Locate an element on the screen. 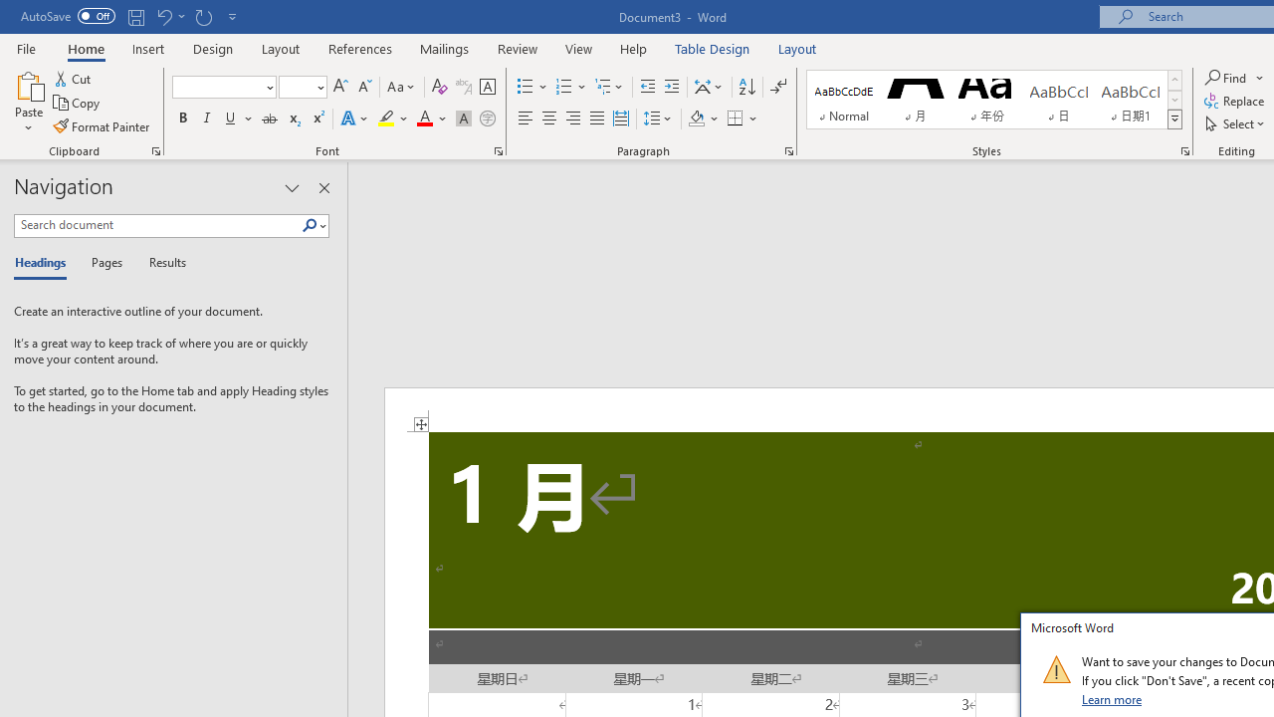 This screenshot has width=1274, height=717. 'Task Pane Options' is located at coordinates (291, 188).